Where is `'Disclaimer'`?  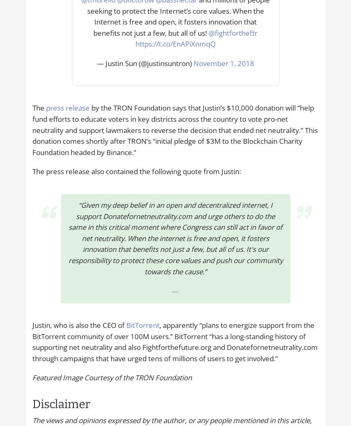
'Disclaimer' is located at coordinates (31, 404).